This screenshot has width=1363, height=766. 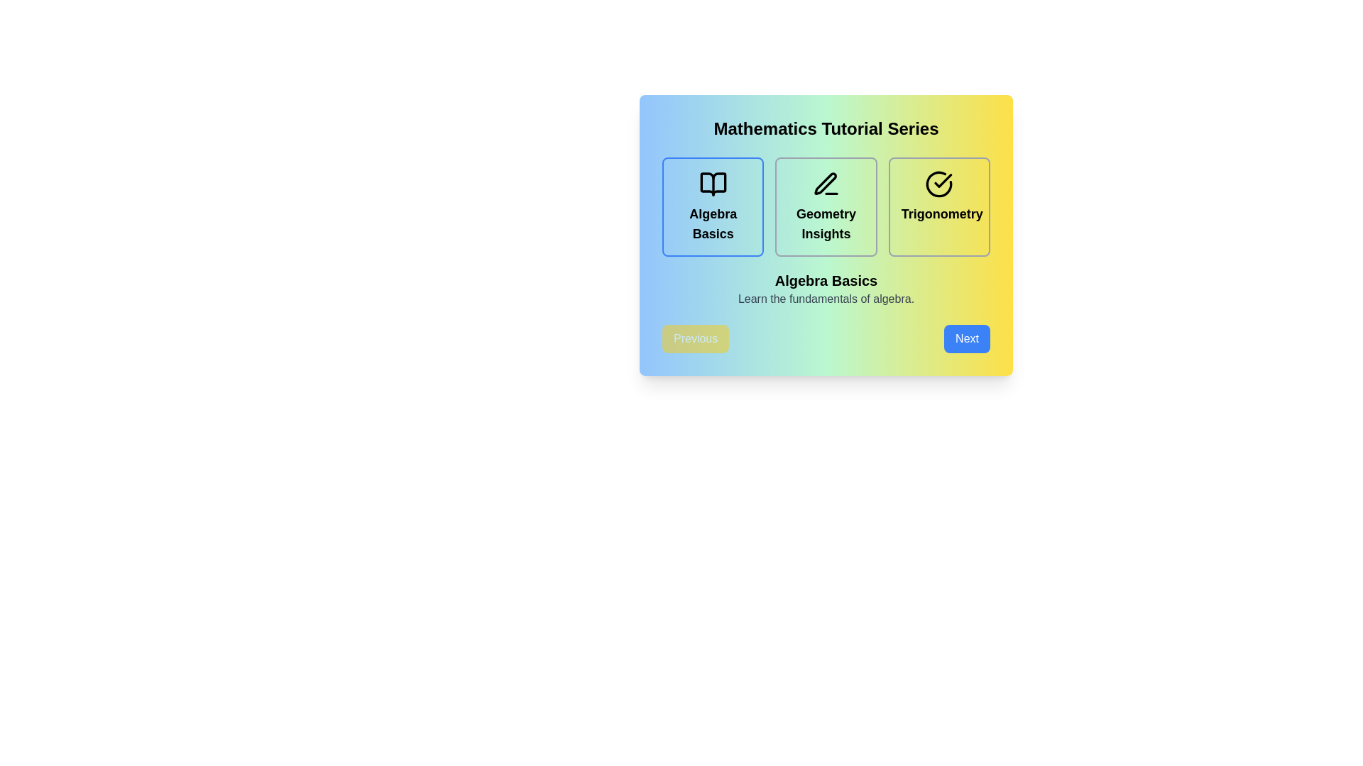 What do you see at coordinates (713, 207) in the screenshot?
I see `the lesson card corresponding to Algebra Basics to view its details` at bounding box center [713, 207].